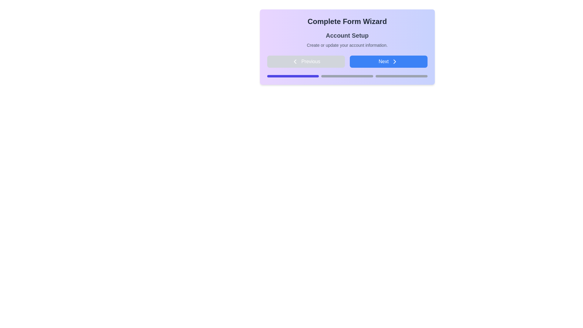 Image resolution: width=583 pixels, height=328 pixels. What do you see at coordinates (388, 62) in the screenshot?
I see `the blue rectangular button labeled 'Next' with a right-pointing arrow icon to proceed` at bounding box center [388, 62].